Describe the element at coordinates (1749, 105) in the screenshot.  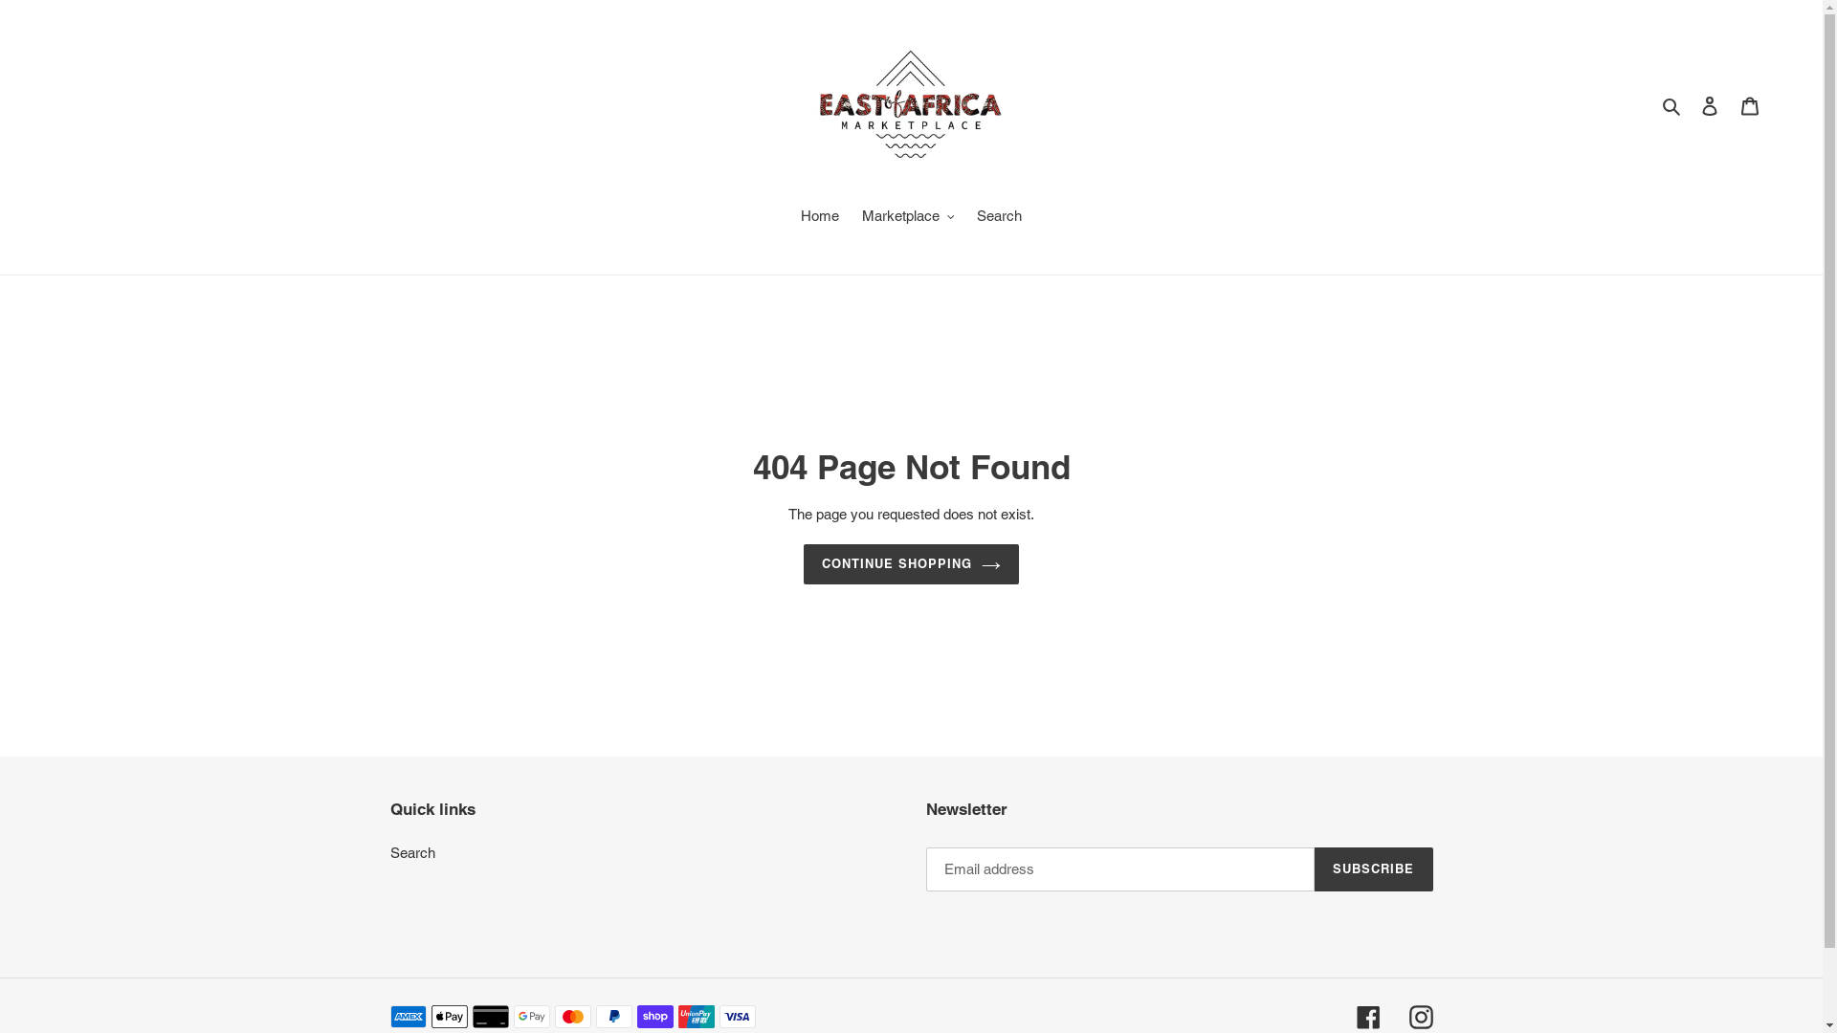
I see `'Cart'` at that location.